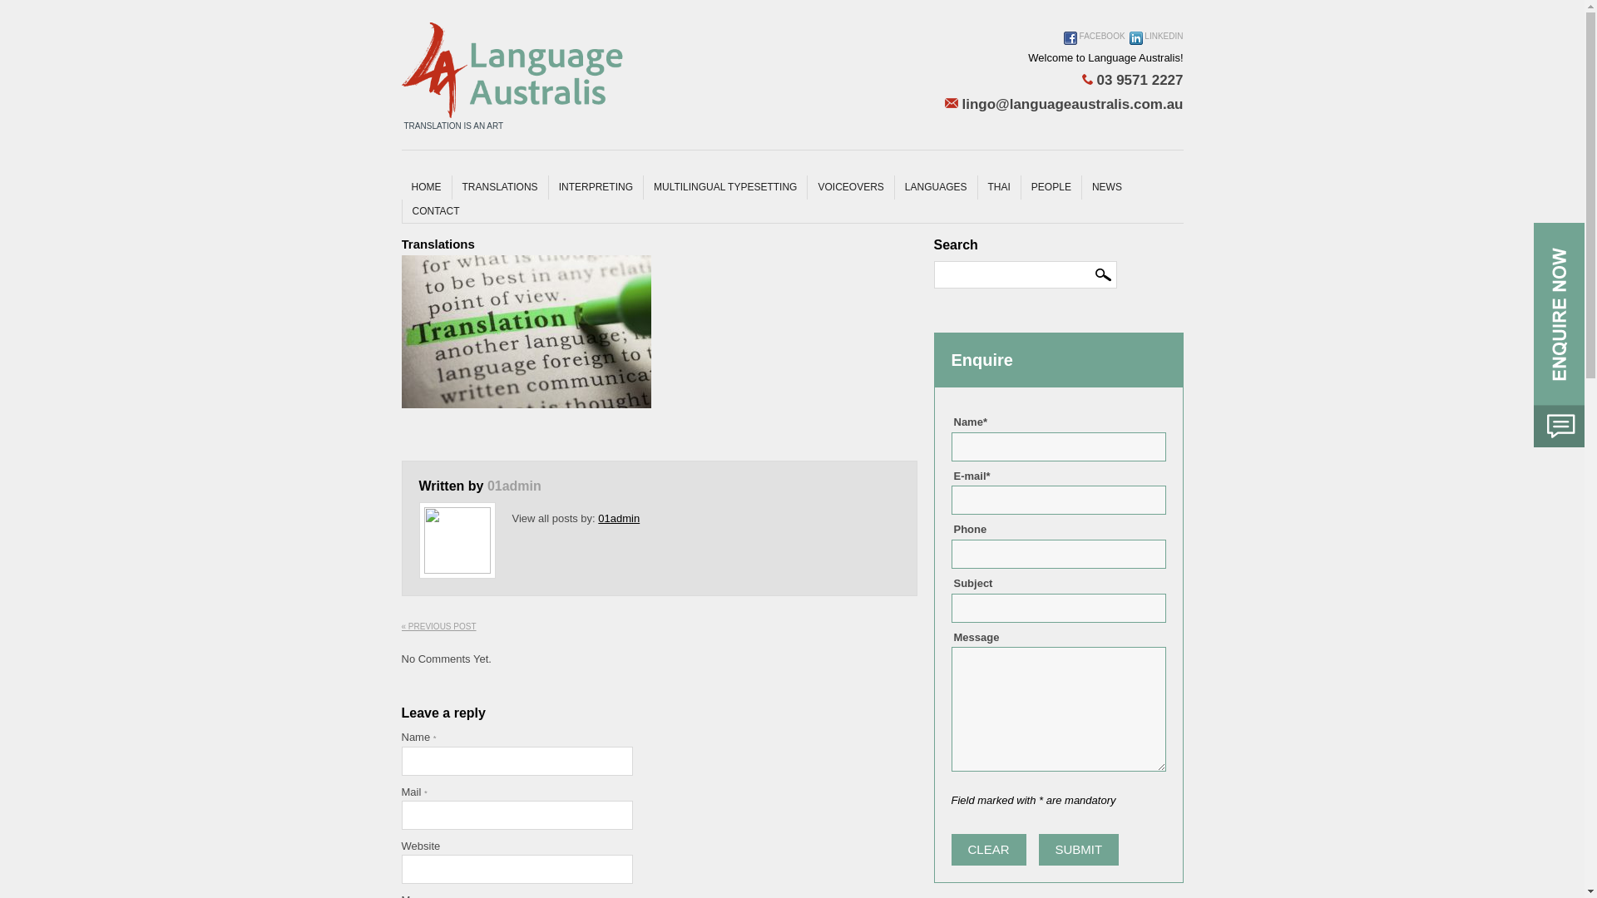 The height and width of the screenshot is (898, 1597). What do you see at coordinates (400, 210) in the screenshot?
I see `'CONTACT'` at bounding box center [400, 210].